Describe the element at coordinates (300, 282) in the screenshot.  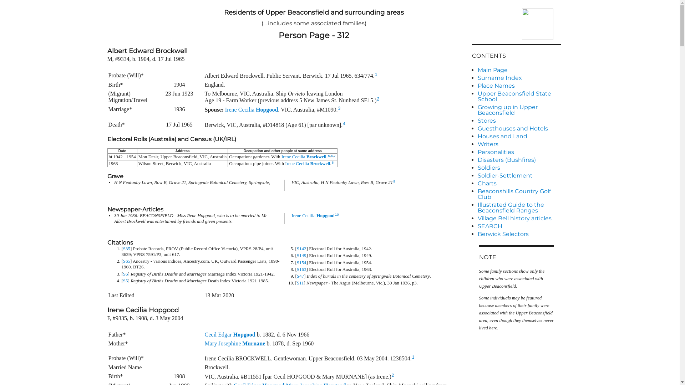
I see `'S11'` at that location.